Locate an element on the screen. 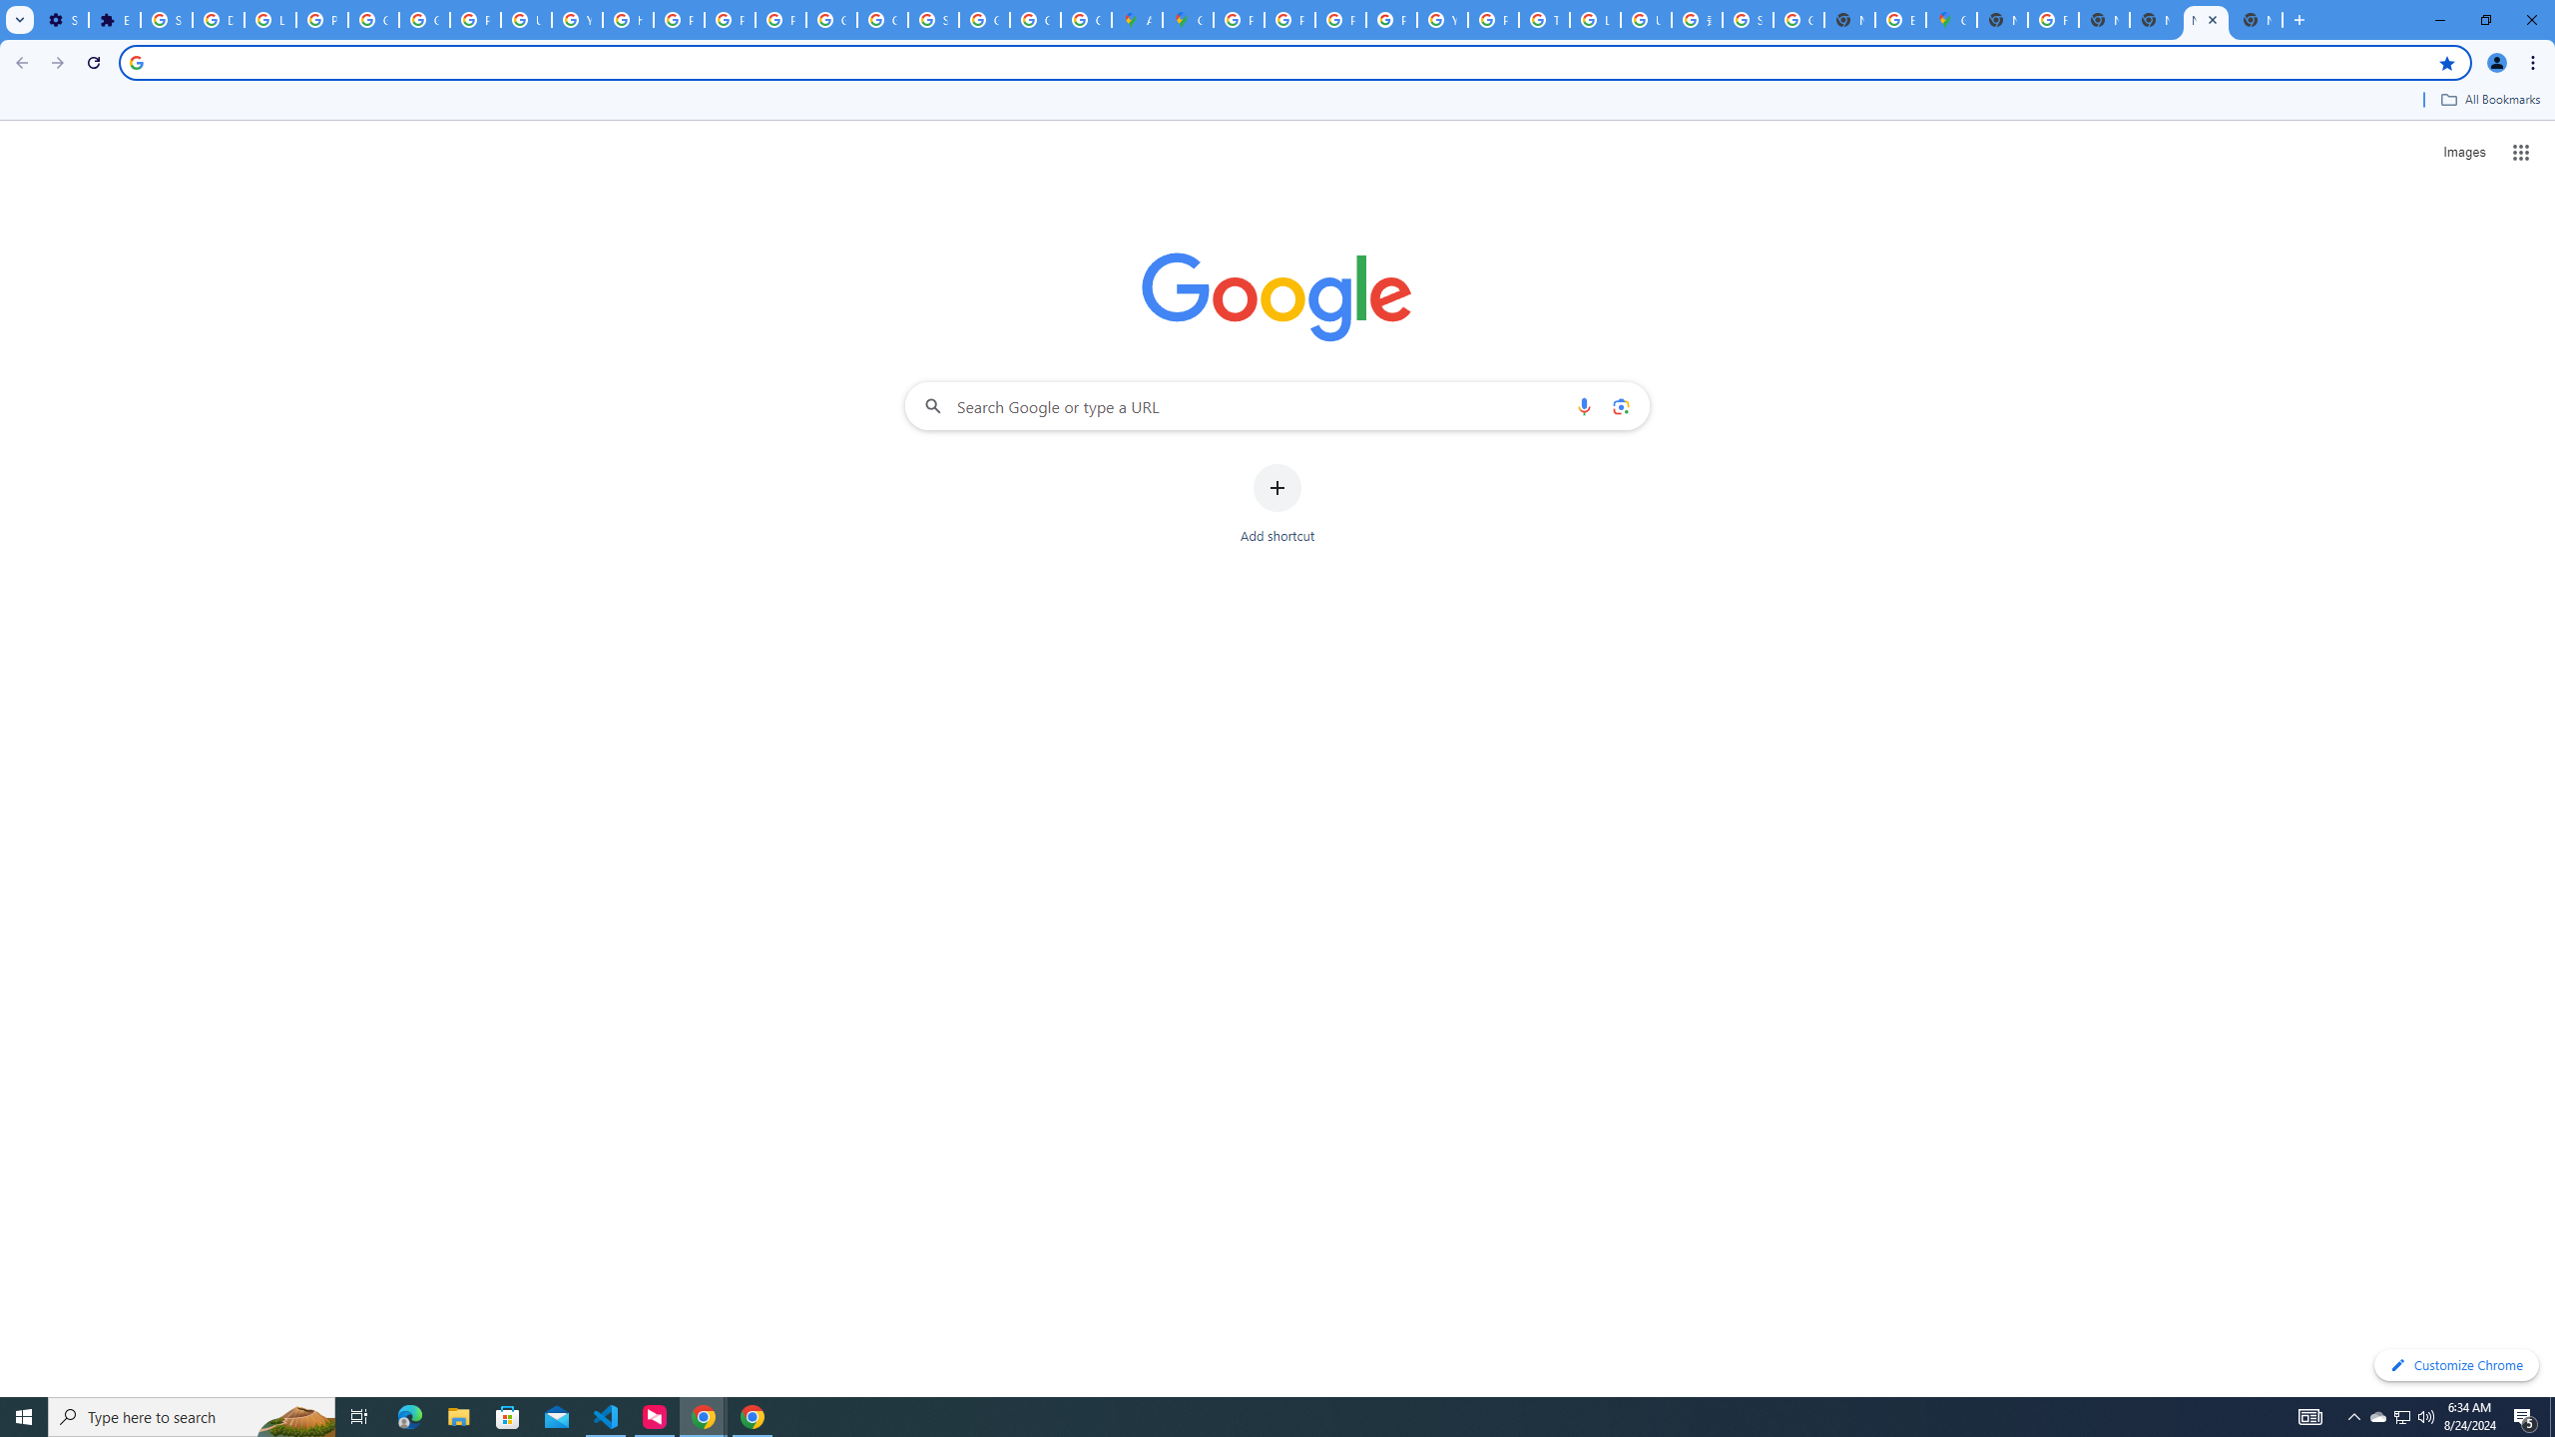  'Settings - On startup' is located at coordinates (61, 19).